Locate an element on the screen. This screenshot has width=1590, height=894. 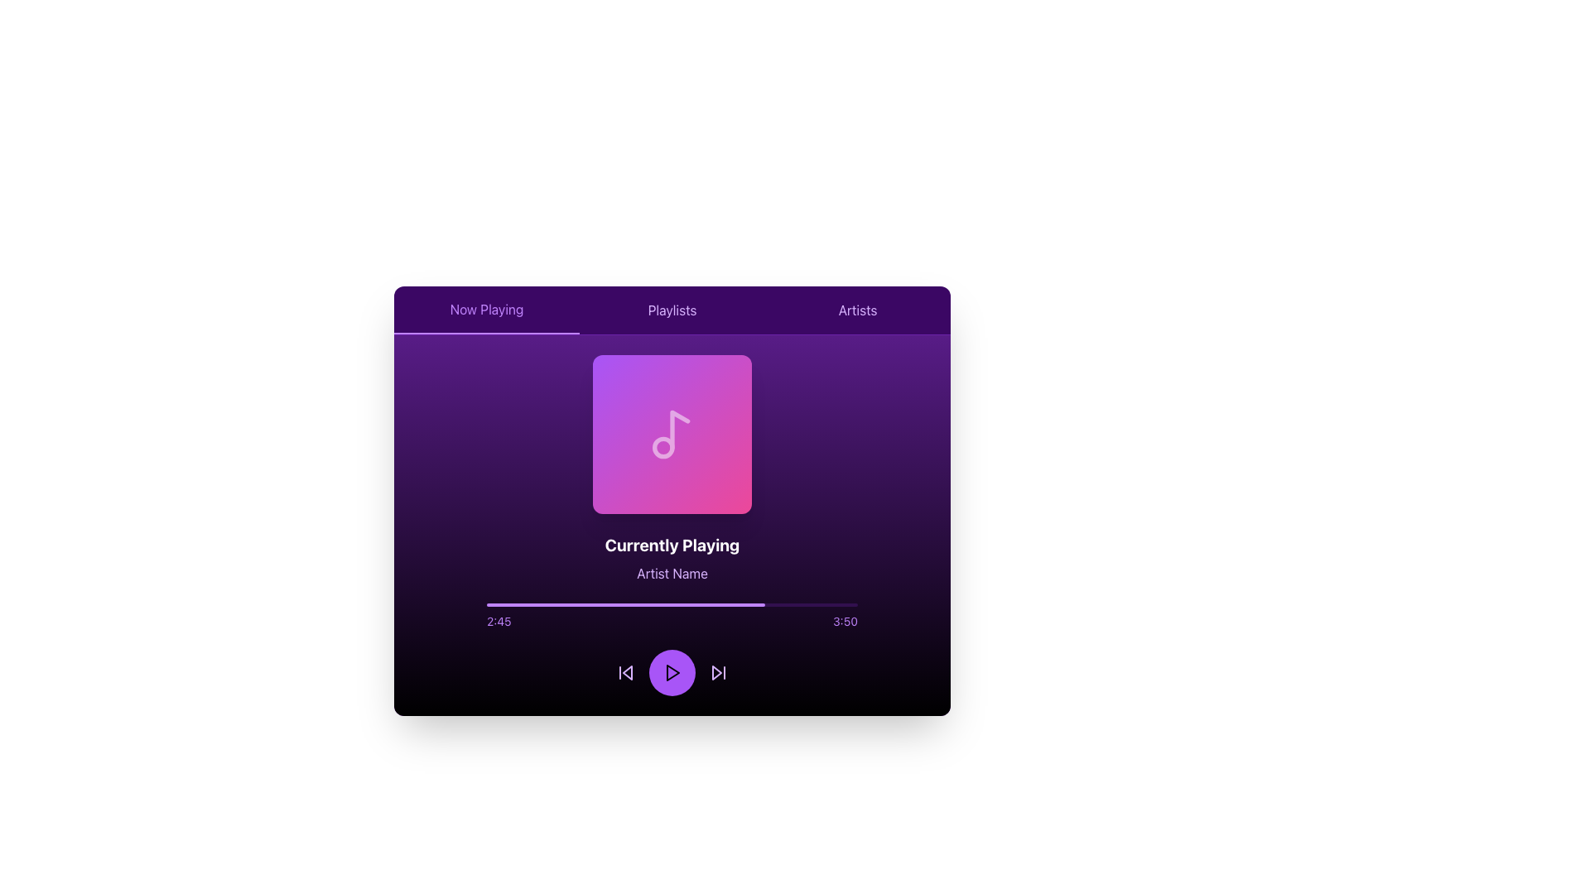
the circular purple button located at the bottom center of the interface, which contains a triangular black play icon, to play or resume playback is located at coordinates (672, 673).